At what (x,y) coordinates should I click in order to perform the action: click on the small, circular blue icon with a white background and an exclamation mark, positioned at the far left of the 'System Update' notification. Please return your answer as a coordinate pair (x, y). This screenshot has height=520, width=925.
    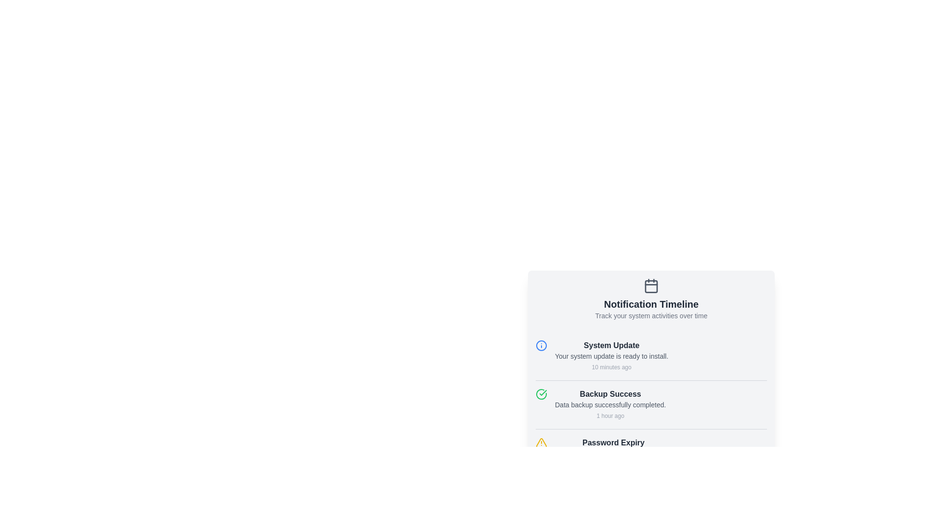
    Looking at the image, I should click on (541, 345).